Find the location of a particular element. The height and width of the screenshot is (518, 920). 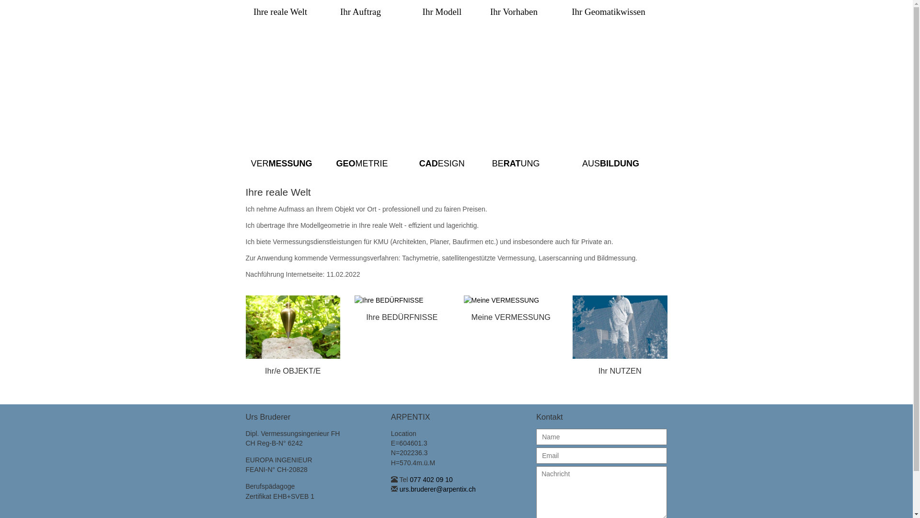

'VERMESSUNG' is located at coordinates (280, 163).